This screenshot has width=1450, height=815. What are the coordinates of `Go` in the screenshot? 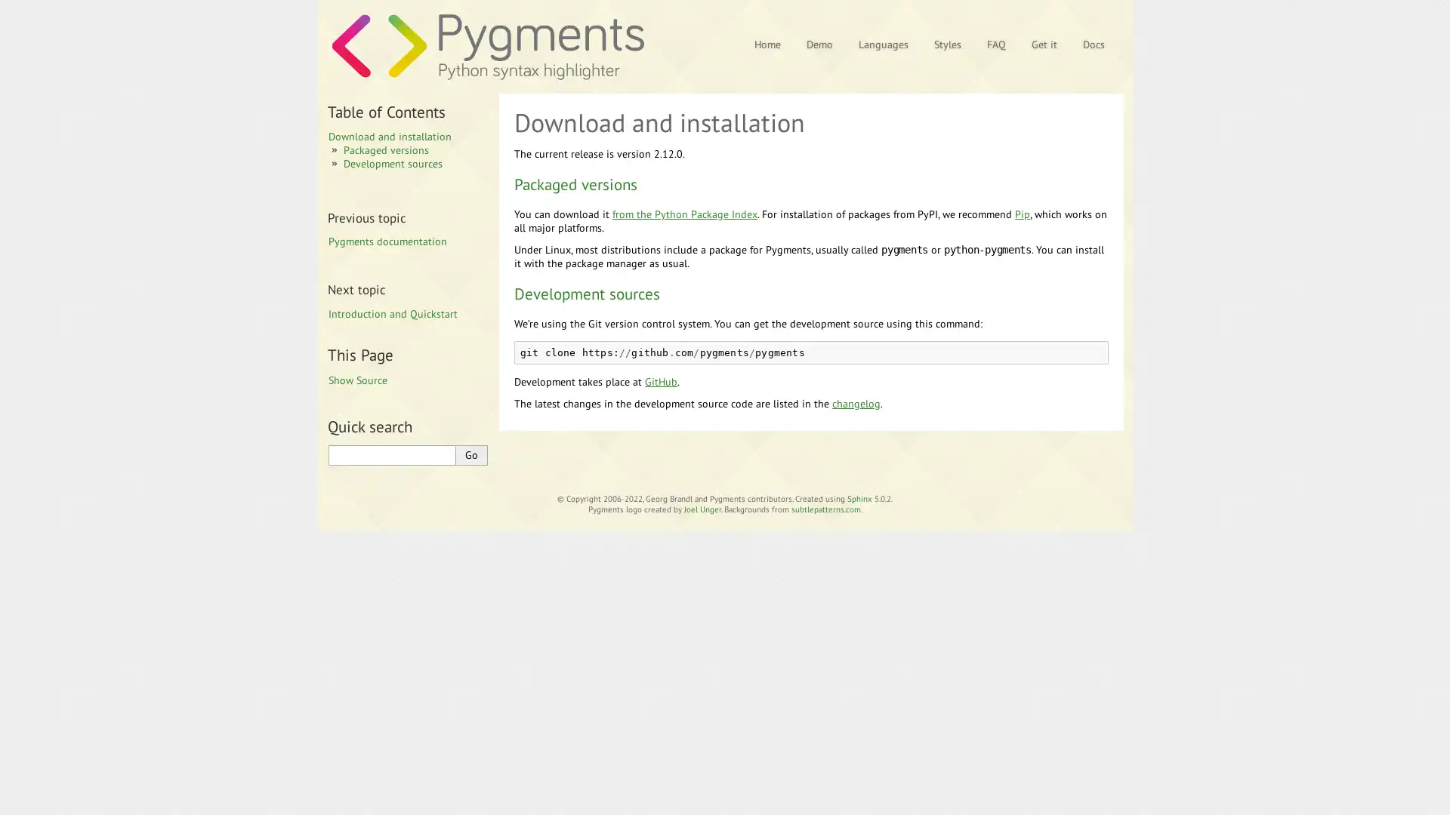 It's located at (470, 454).